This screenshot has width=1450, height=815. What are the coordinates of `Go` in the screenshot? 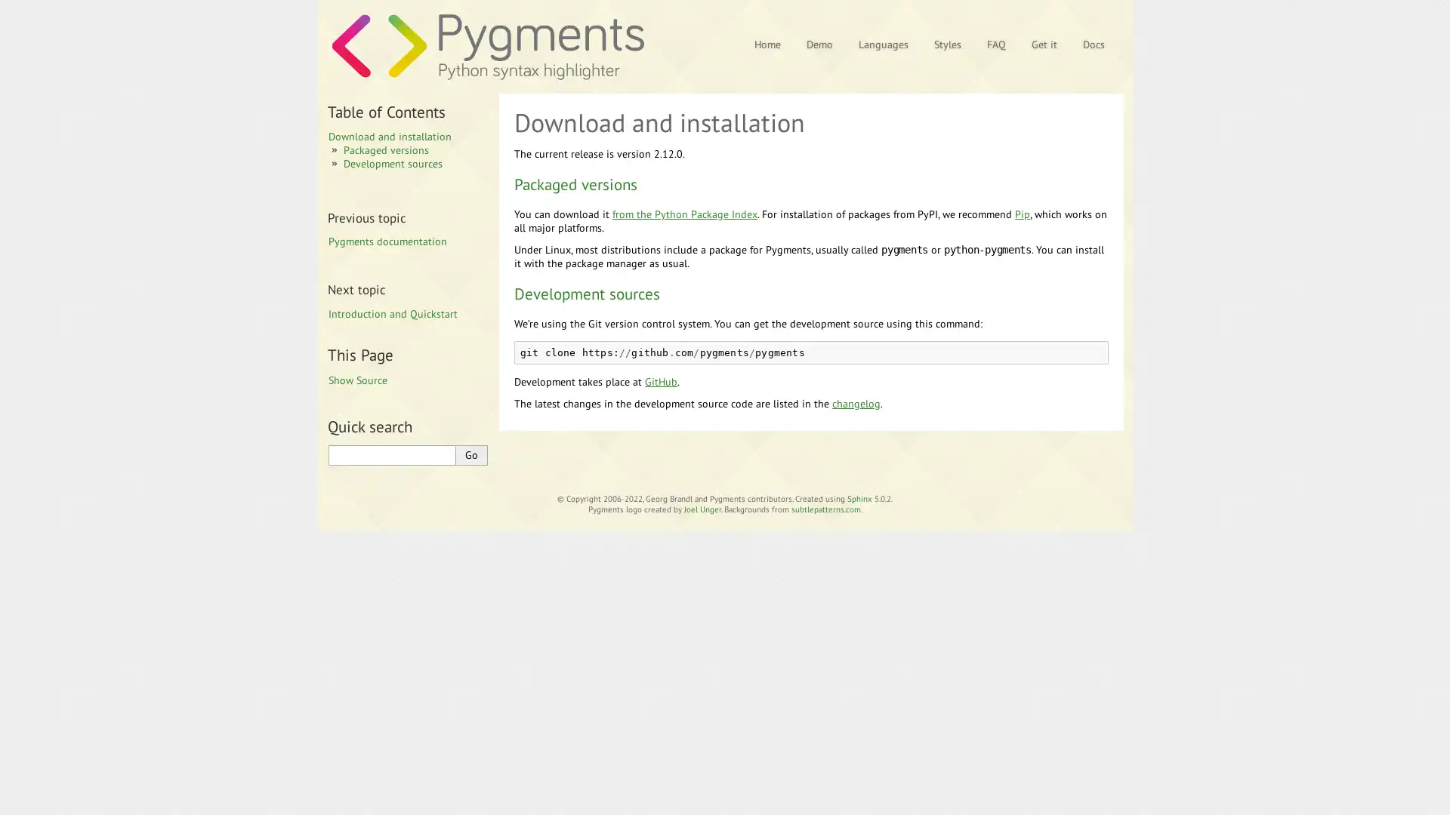 It's located at (470, 454).